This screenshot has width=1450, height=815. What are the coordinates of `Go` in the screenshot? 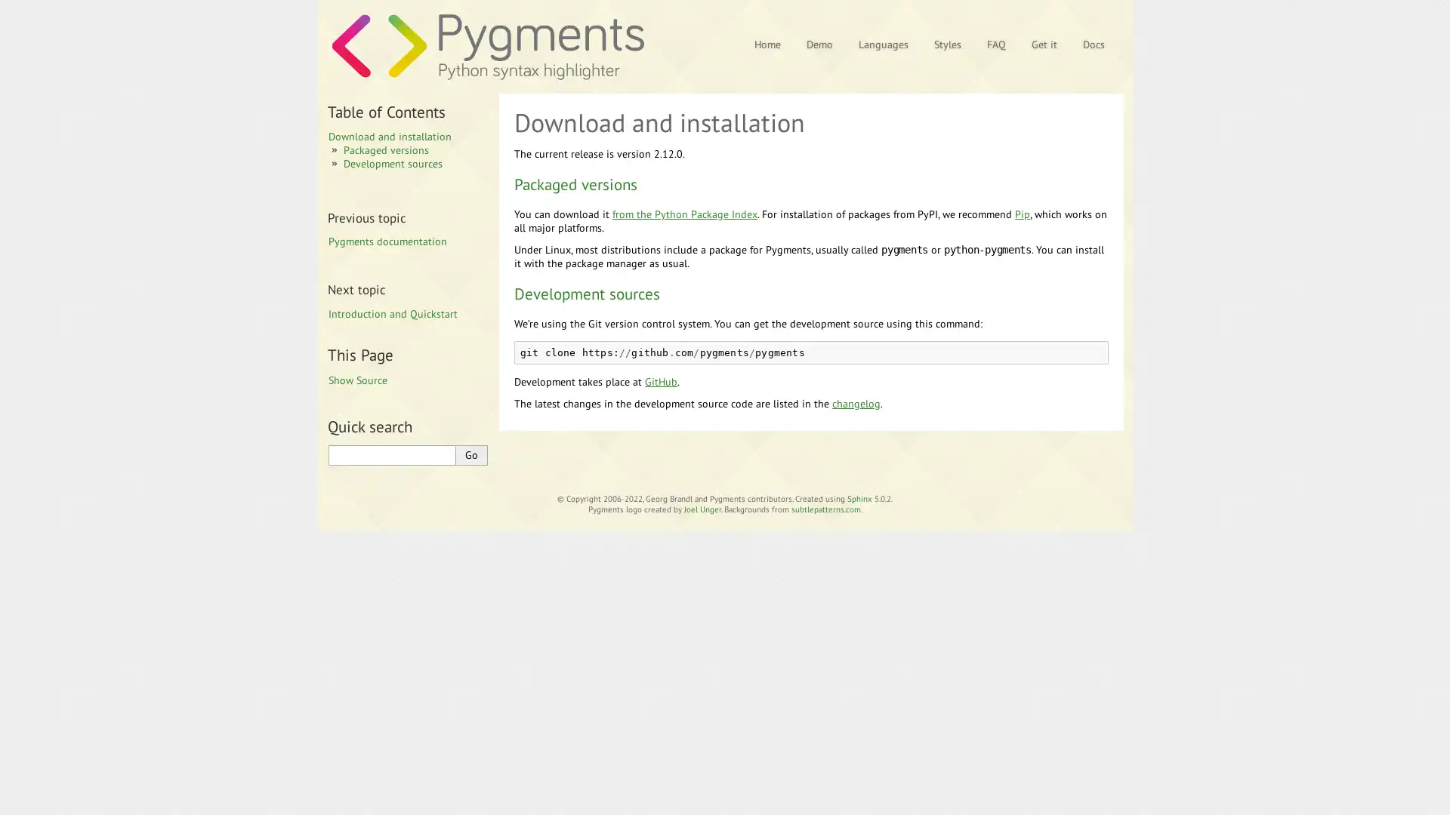 It's located at (470, 454).